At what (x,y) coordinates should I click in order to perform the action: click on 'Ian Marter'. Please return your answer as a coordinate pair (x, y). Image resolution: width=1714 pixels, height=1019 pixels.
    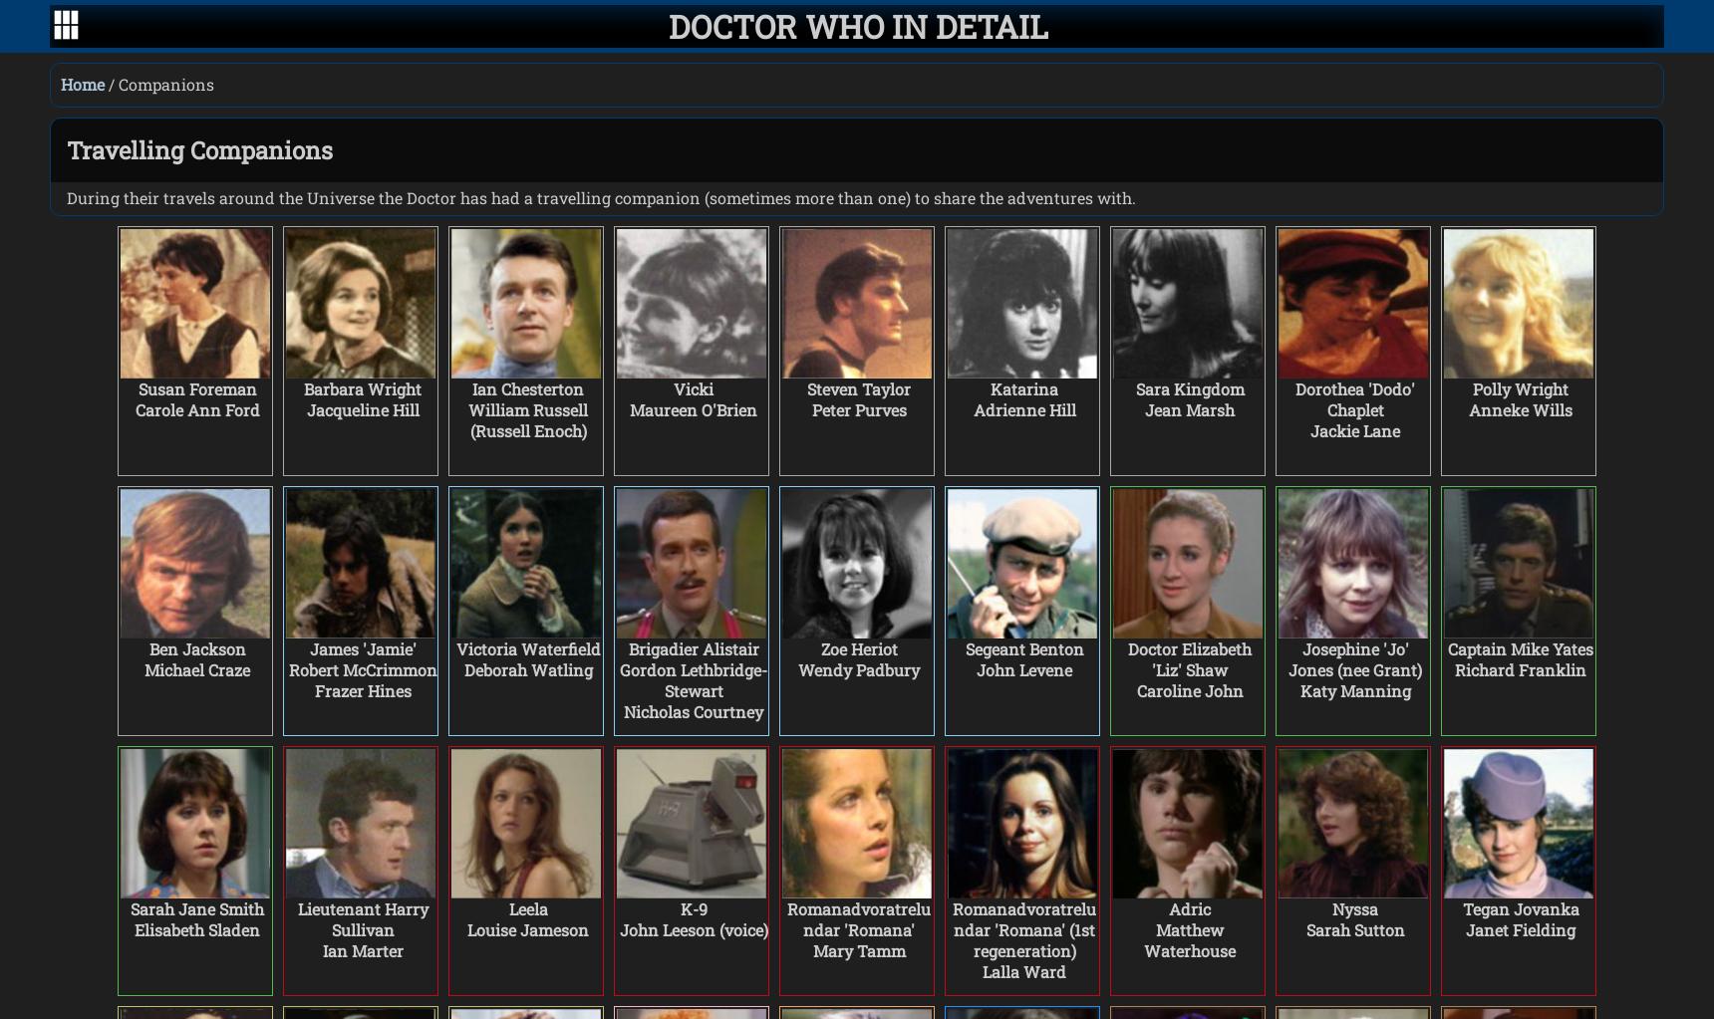
    Looking at the image, I should click on (321, 950).